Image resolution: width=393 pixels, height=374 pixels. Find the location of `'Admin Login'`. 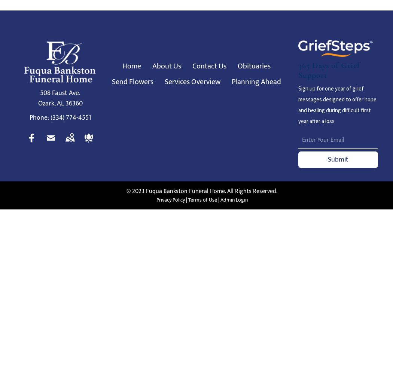

'Admin Login' is located at coordinates (234, 200).